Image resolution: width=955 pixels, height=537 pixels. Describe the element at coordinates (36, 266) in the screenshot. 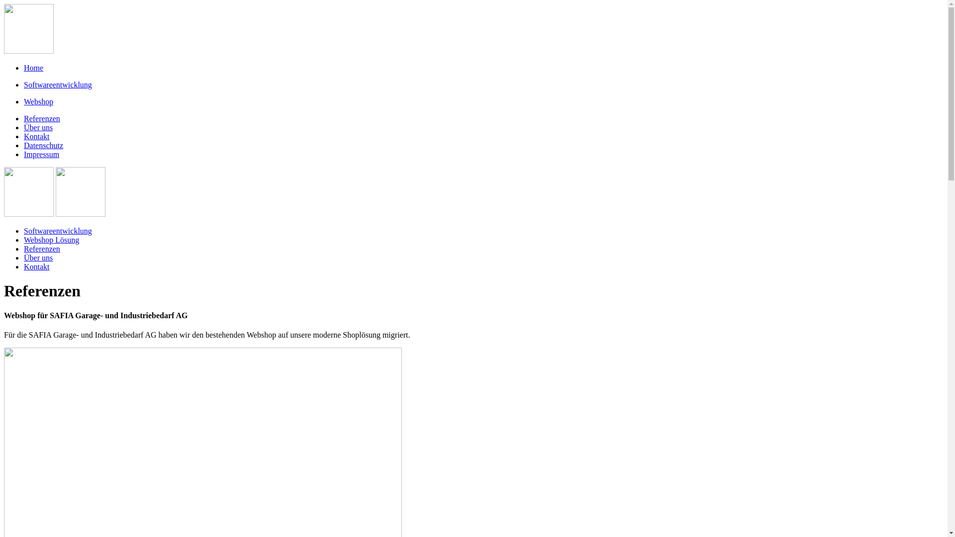

I see `'Kontakt'` at that location.